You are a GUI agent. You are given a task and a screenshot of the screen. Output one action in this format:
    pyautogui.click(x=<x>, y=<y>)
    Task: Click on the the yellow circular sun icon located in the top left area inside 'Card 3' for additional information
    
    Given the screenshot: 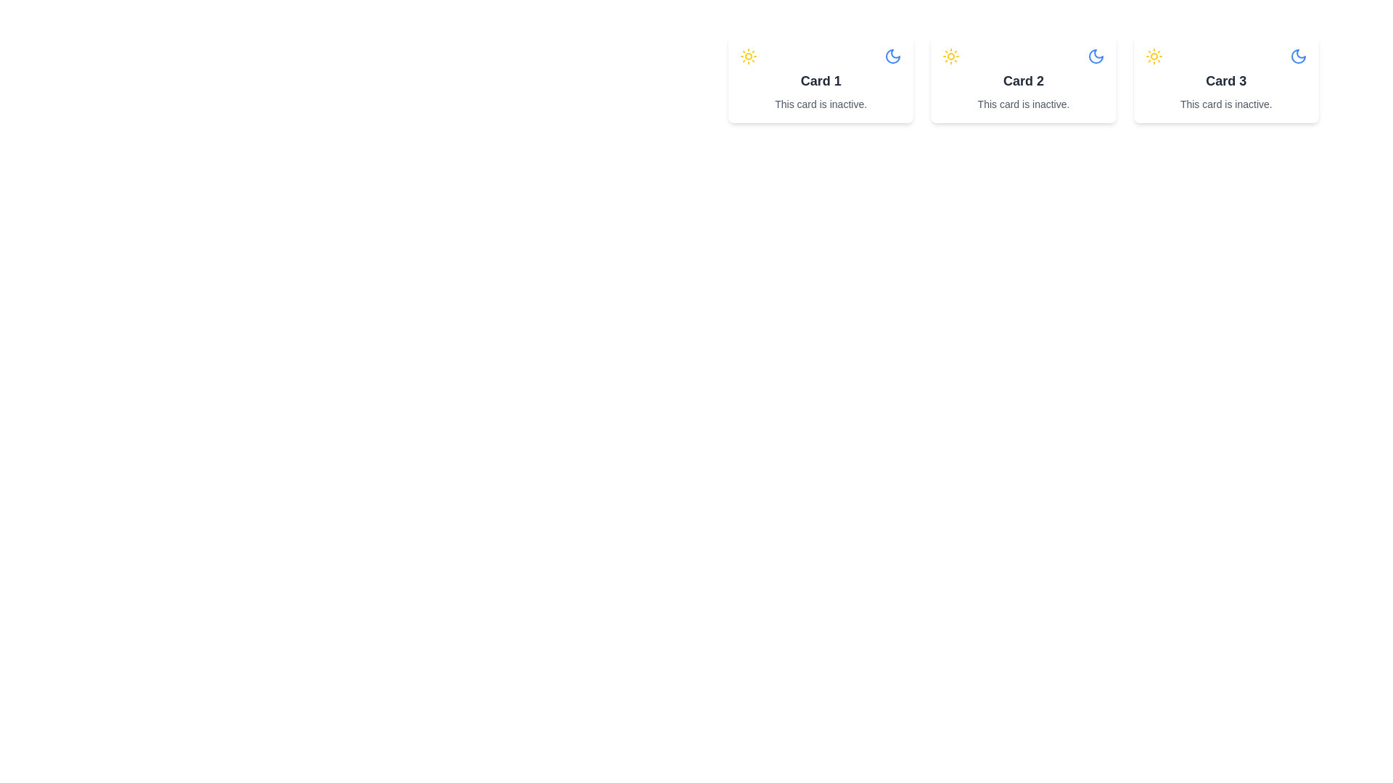 What is the action you would take?
    pyautogui.click(x=1153, y=55)
    